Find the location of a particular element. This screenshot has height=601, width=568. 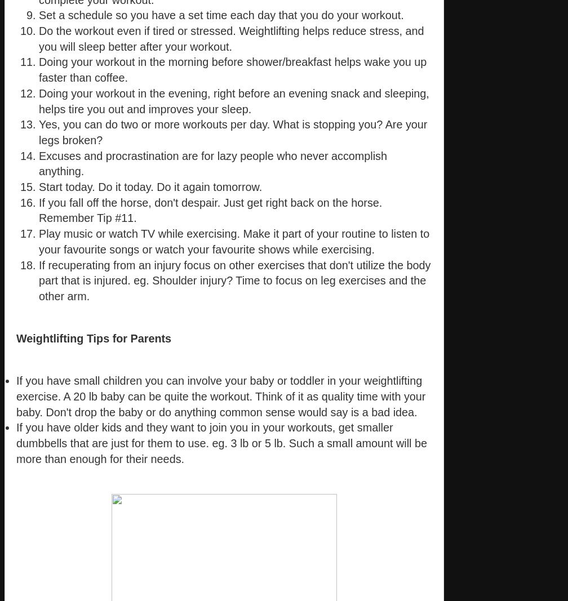

'If recuperating from an injury focus on other exercises that don't utilize the body part that is injured. eg. Shoulder injury? Time to focus on leg exercises and the other arm.' is located at coordinates (234, 279).